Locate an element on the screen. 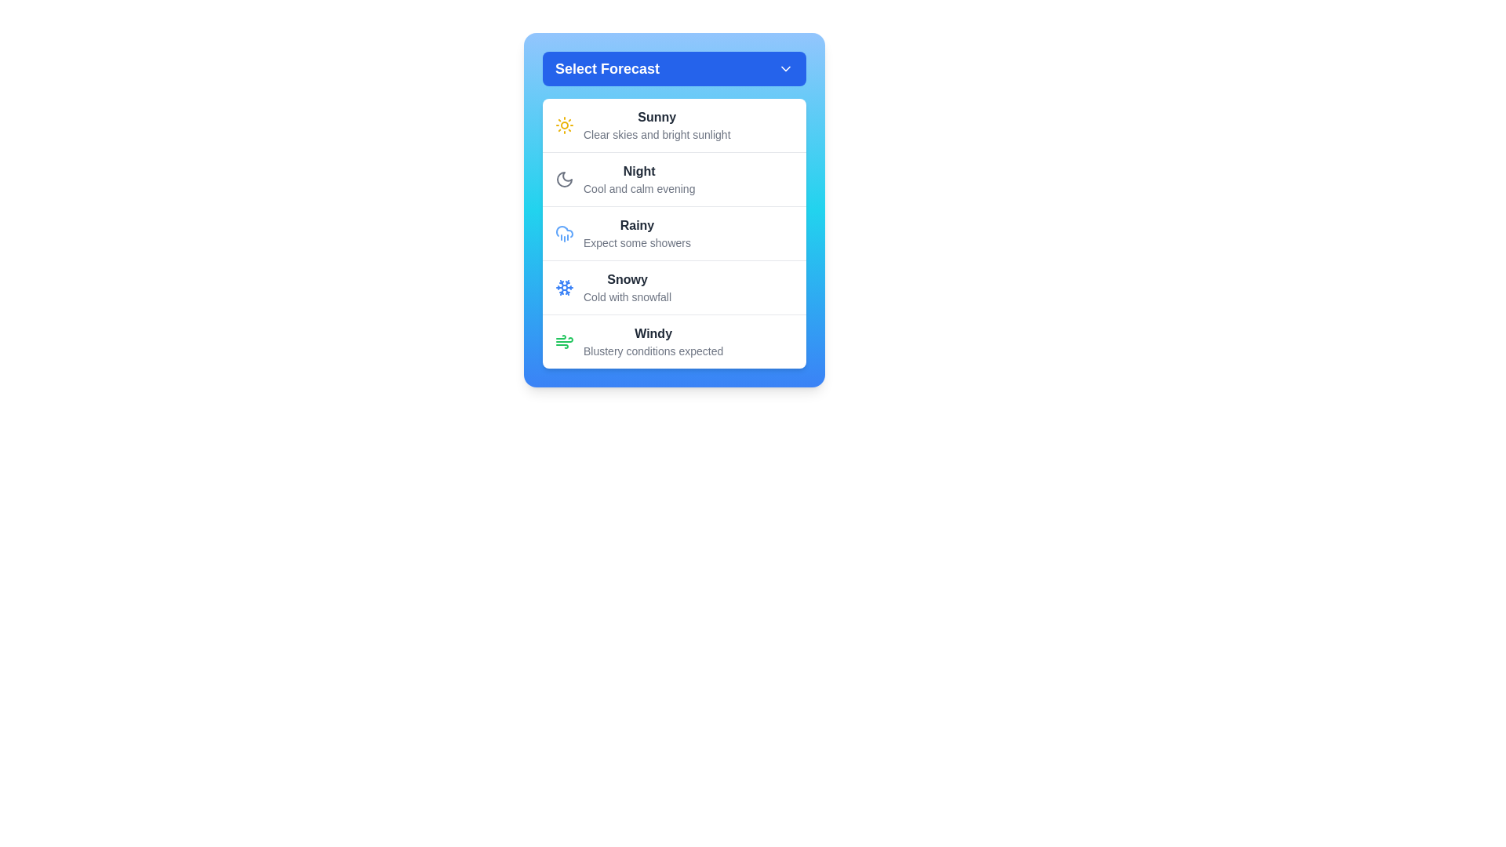 The height and width of the screenshot is (847, 1506). the text label reading 'Clear skies and bright sunlight,' which is styled in light gray and located below the bolded title 'Sunny' within the weather conditions list is located at coordinates (657, 134).